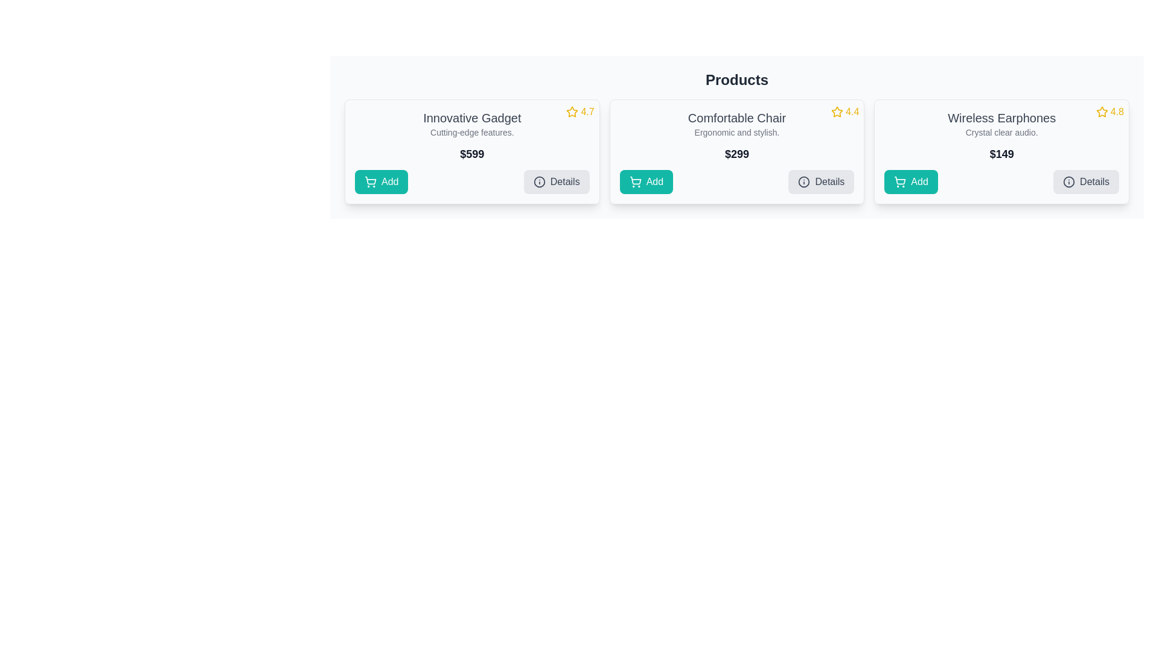 The image size is (1159, 651). What do you see at coordinates (1001, 132) in the screenshot?
I see `the text label displaying 'Crystal clear audio.' which is styled with smaller gray font and located below the heading 'Wireless Earphones'` at bounding box center [1001, 132].